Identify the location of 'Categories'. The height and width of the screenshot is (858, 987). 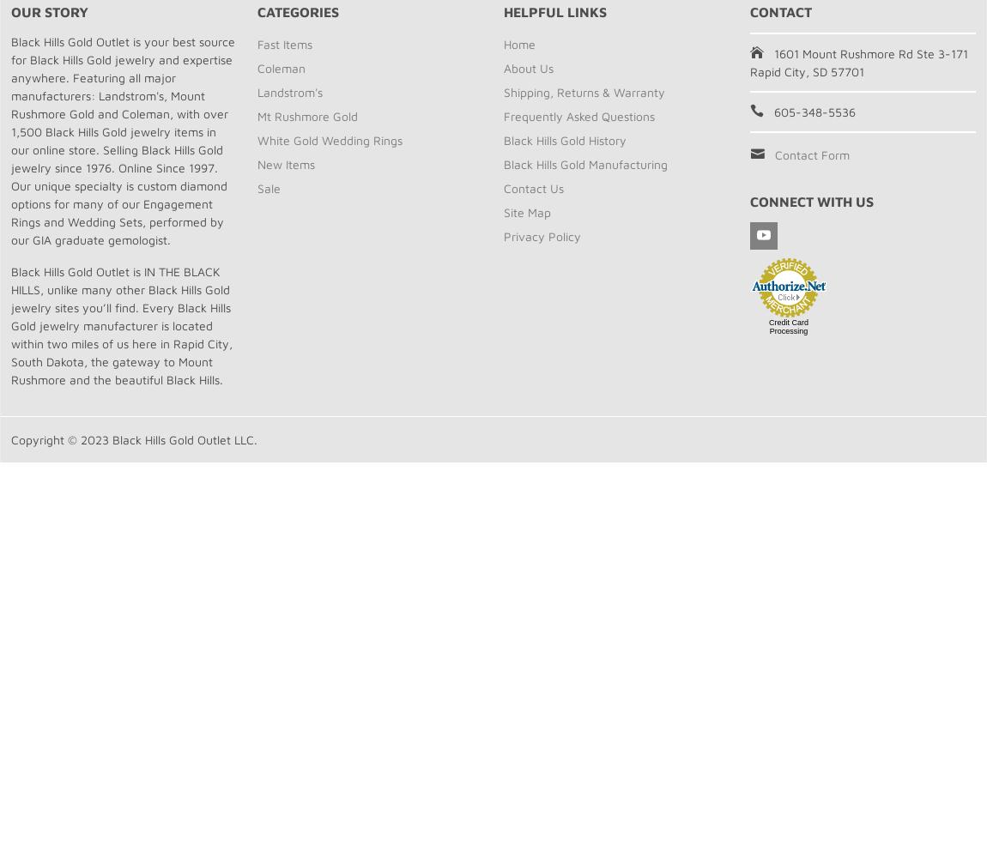
(298, 12).